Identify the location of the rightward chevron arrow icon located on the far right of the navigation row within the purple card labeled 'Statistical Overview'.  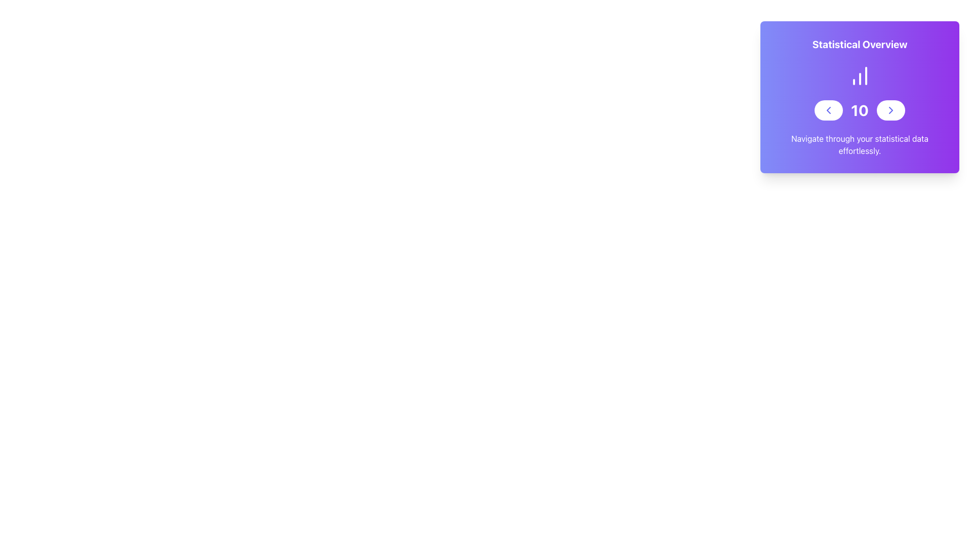
(890, 110).